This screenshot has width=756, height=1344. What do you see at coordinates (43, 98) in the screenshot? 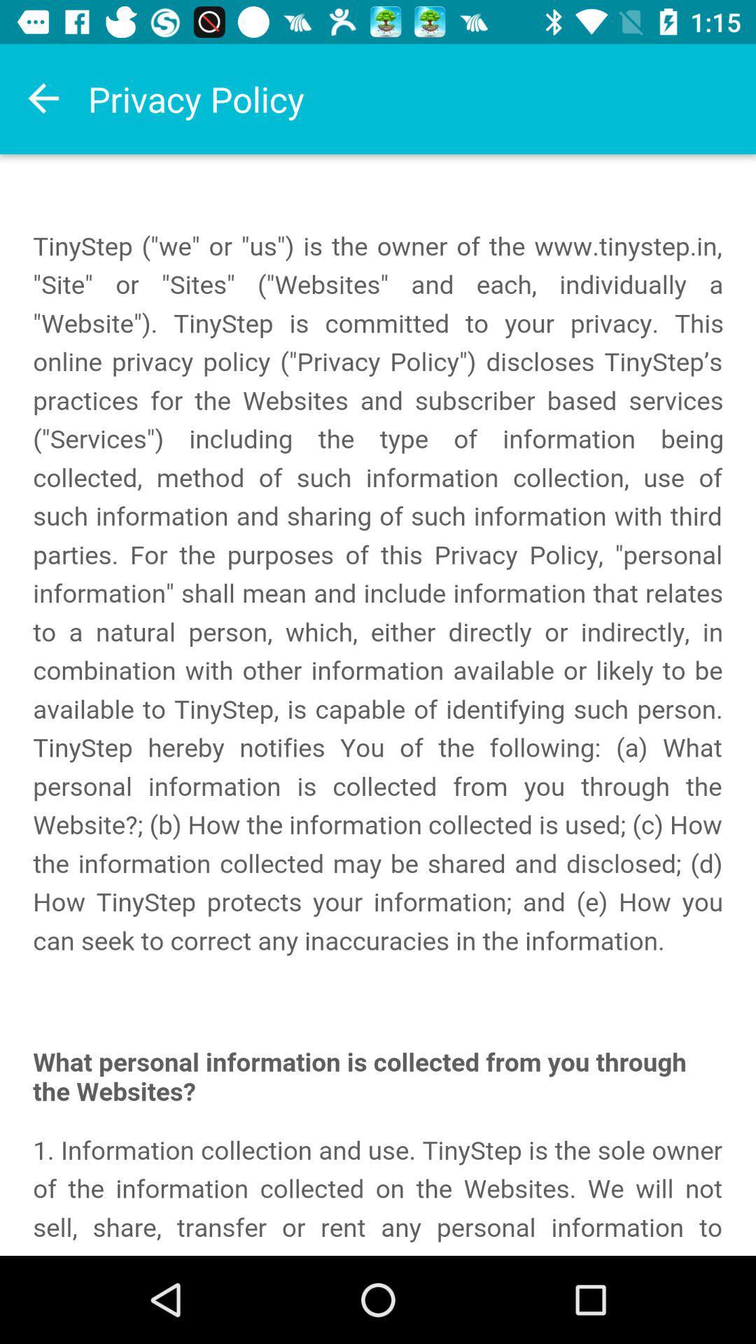
I see `return to previous page` at bounding box center [43, 98].